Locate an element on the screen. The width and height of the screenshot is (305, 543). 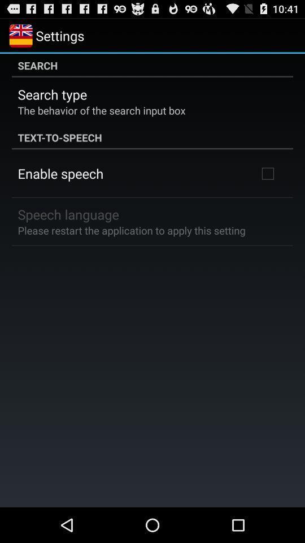
the app next to enable speech app is located at coordinates (267, 173).